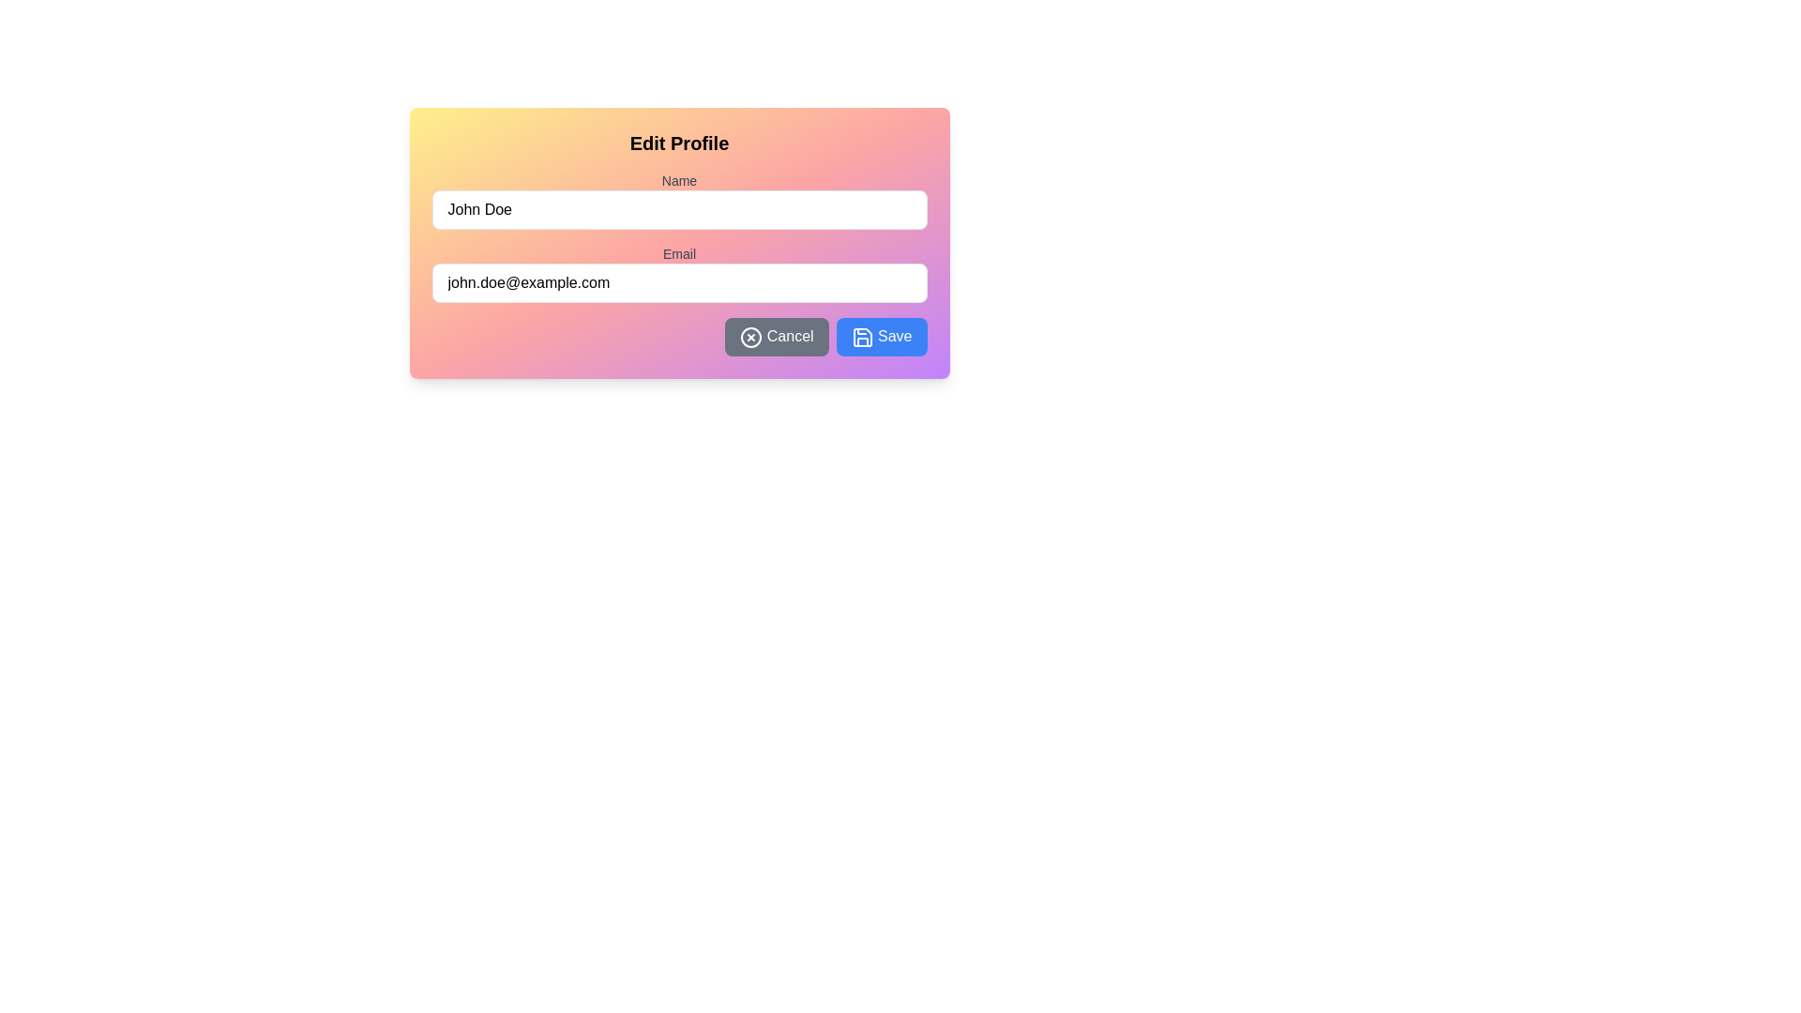  I want to click on the circular icon with a red cross on a gray background, so click(751, 336).